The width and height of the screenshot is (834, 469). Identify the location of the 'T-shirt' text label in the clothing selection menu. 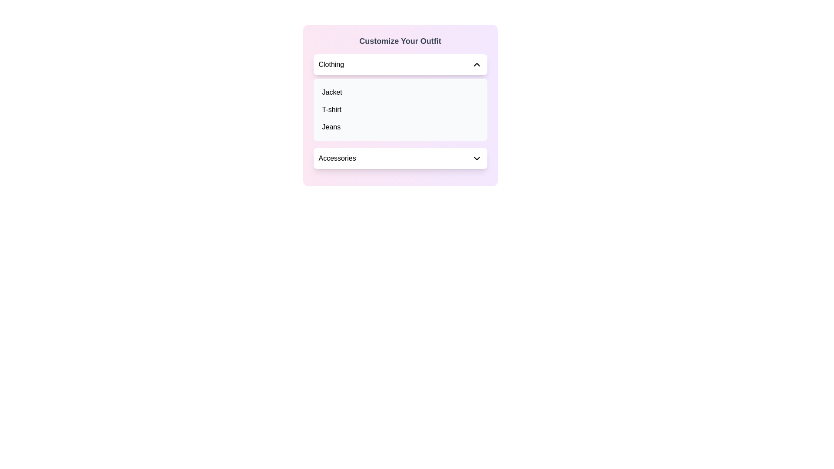
(331, 109).